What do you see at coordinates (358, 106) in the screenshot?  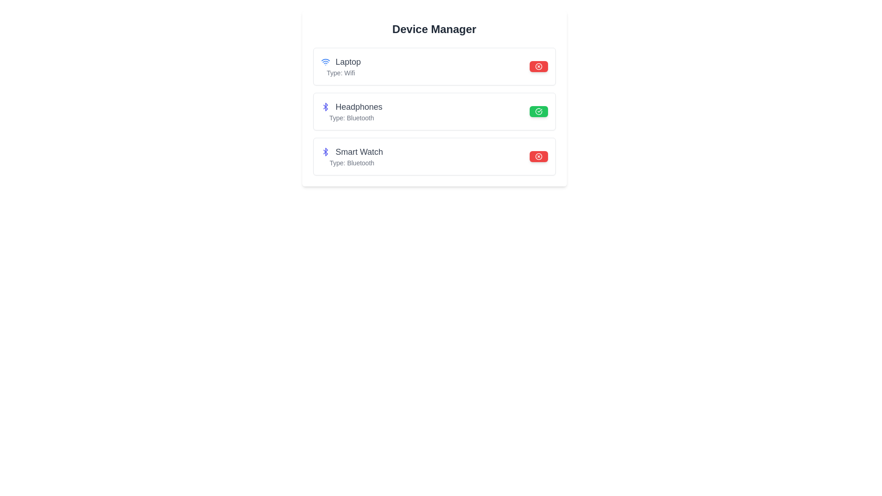 I see `the 'Headphones' text label in the Device Manager section, located in the second row of the connected devices list` at bounding box center [358, 106].